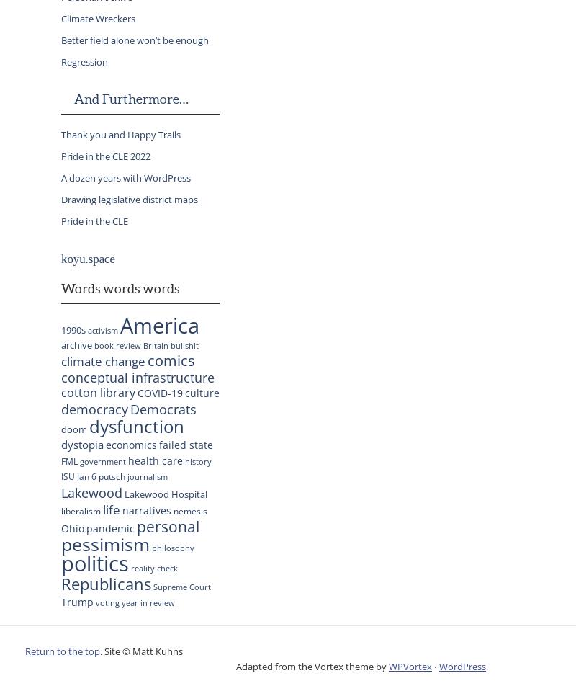 The width and height of the screenshot is (576, 691). What do you see at coordinates (130, 99) in the screenshot?
I see `'And Furthermore…'` at bounding box center [130, 99].